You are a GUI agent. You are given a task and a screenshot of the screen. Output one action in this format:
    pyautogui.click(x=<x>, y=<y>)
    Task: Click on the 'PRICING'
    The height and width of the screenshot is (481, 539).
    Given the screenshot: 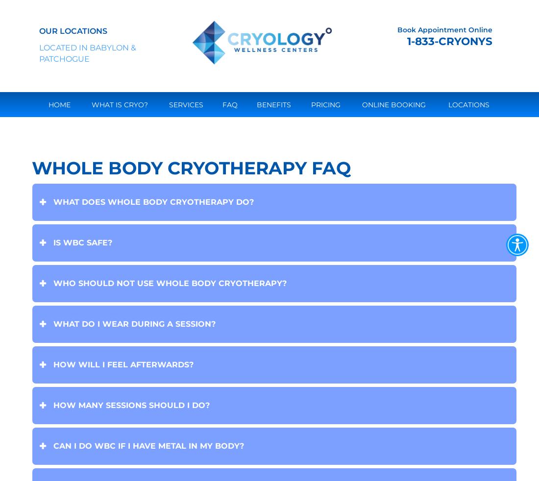 What is the action you would take?
    pyautogui.click(x=311, y=104)
    